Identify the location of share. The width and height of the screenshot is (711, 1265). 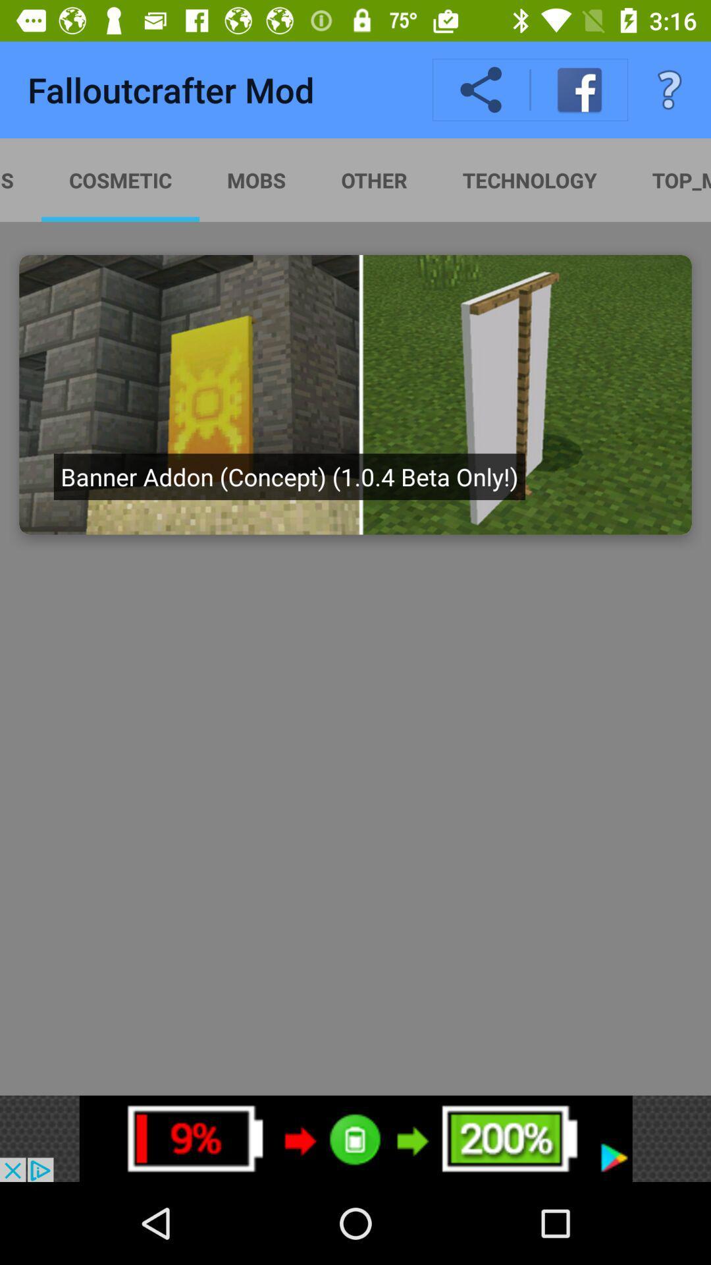
(481, 90).